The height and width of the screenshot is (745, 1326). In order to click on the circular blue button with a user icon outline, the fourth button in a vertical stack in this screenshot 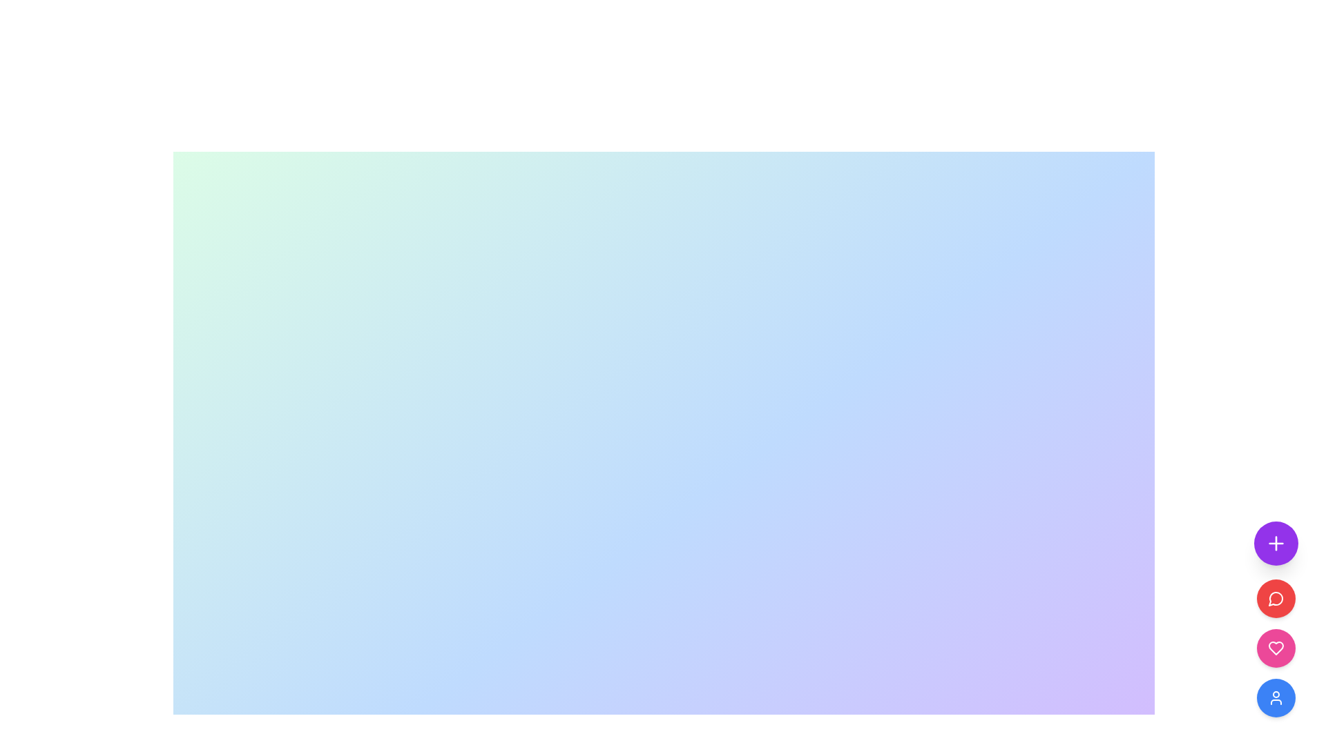, I will do `click(1276, 697)`.